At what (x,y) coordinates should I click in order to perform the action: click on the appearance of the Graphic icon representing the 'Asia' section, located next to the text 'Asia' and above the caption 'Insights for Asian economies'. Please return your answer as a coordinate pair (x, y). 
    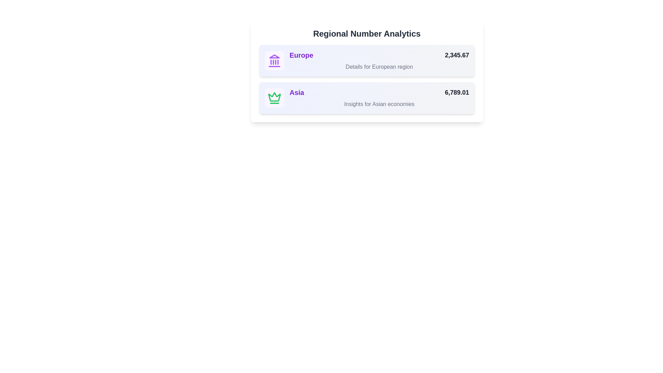
    Looking at the image, I should click on (274, 98).